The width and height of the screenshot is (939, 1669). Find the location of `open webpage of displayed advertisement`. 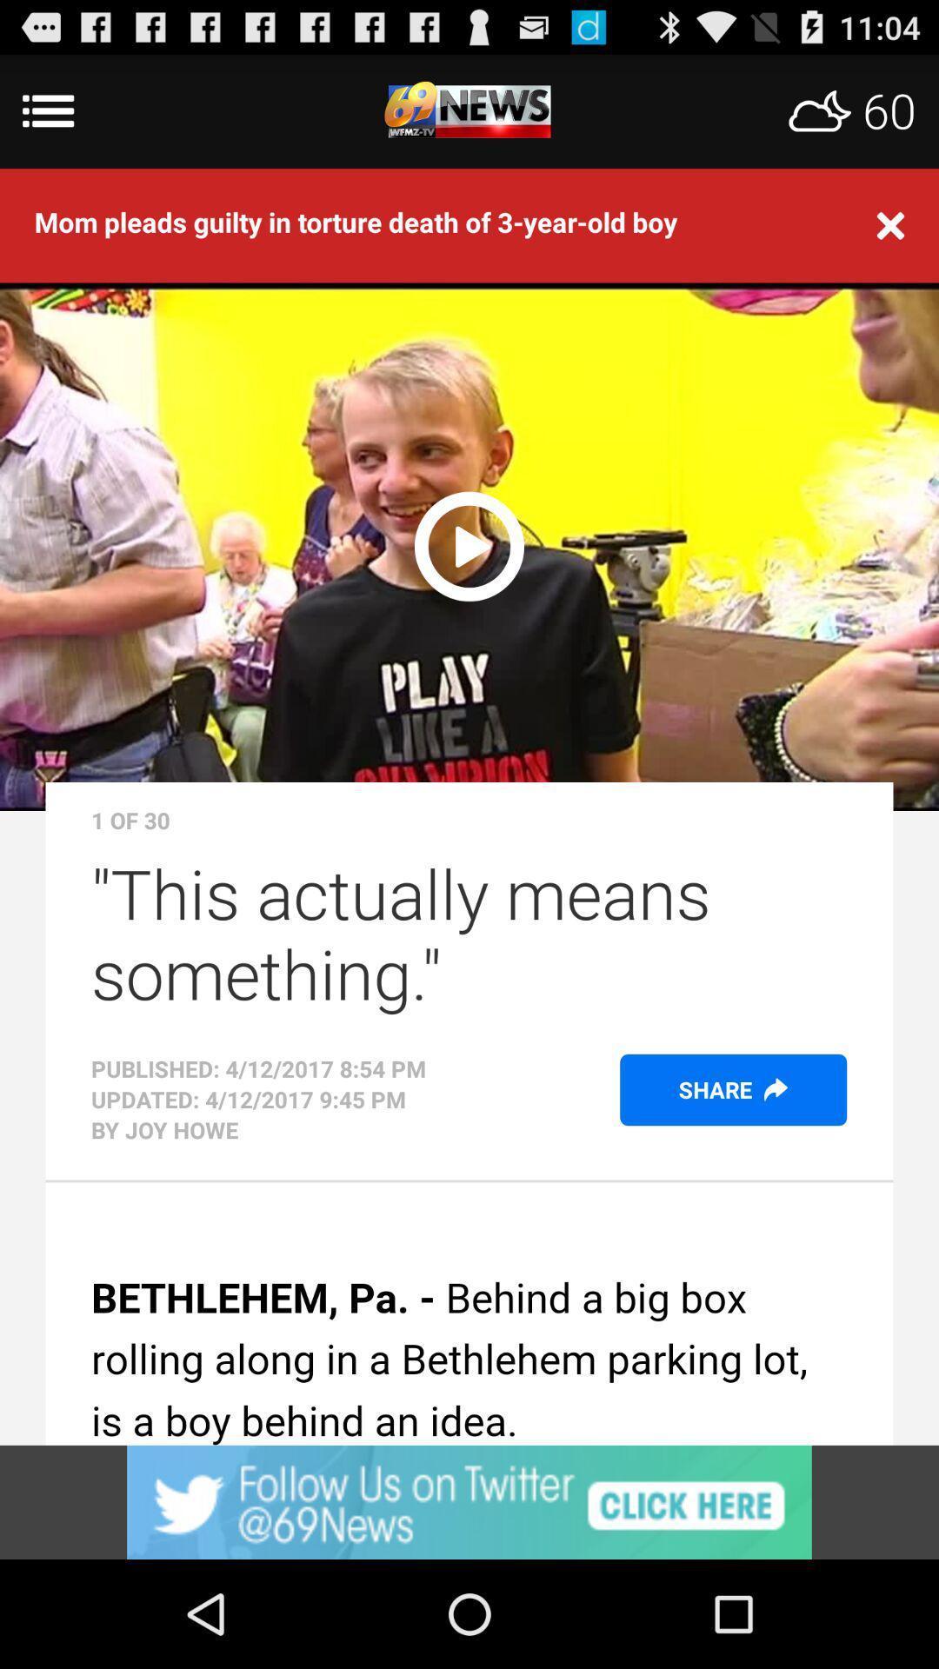

open webpage of displayed advertisement is located at coordinates (469, 1501).